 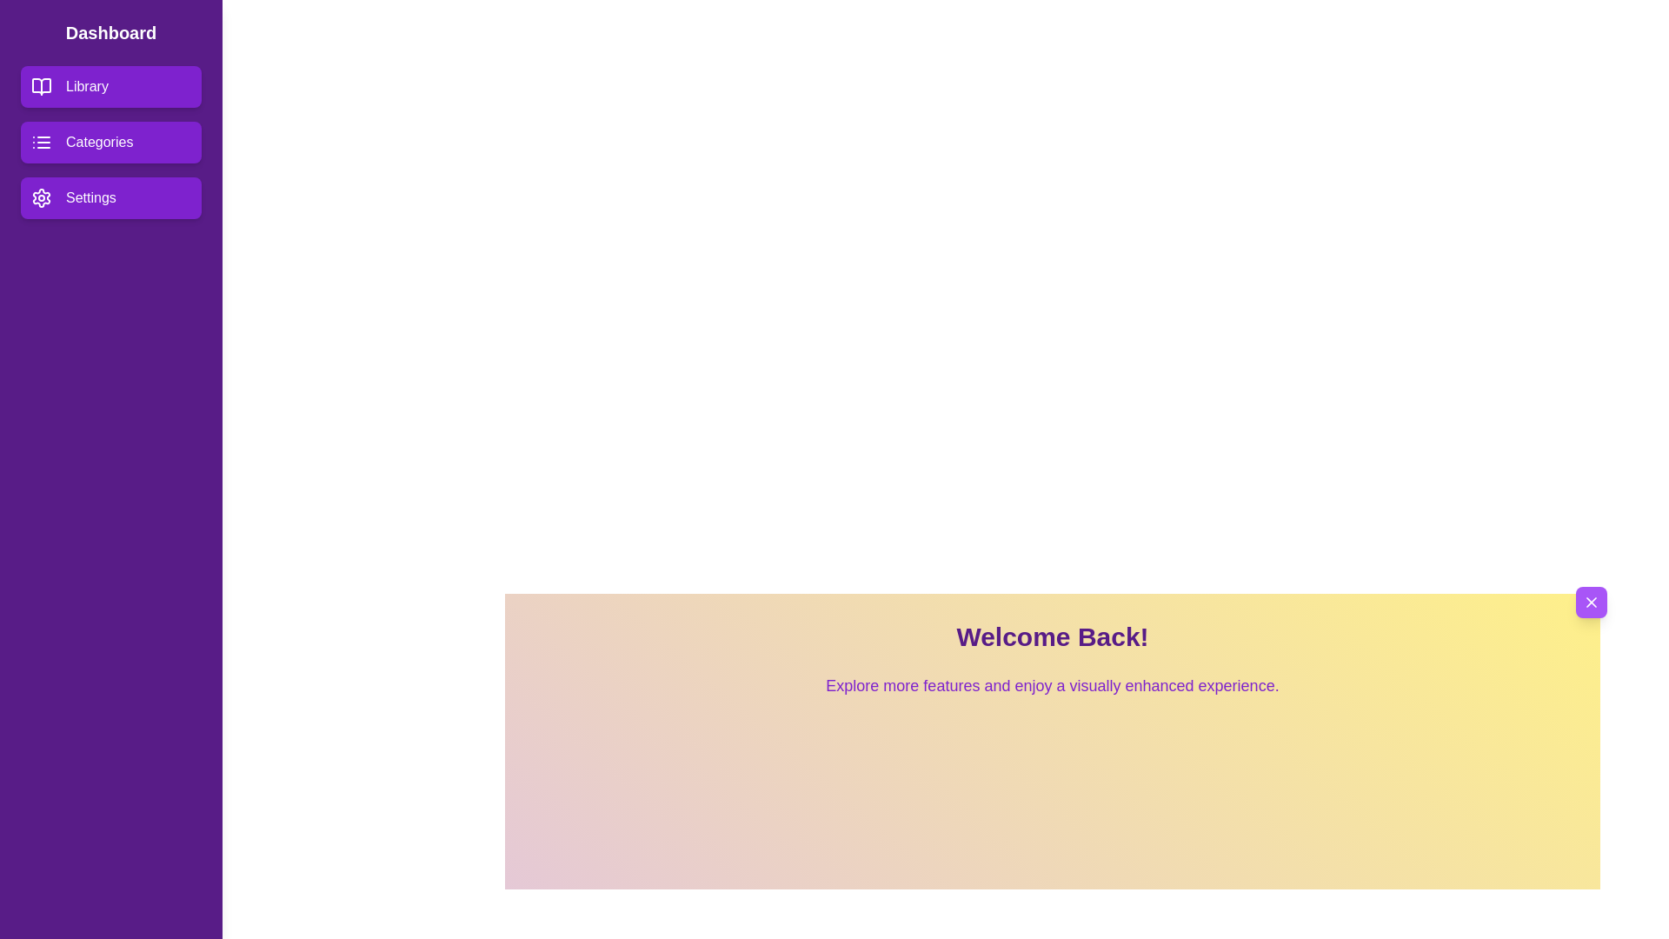 What do you see at coordinates (1591, 602) in the screenshot?
I see `the button in the top-right corner to toggle the drawer visibility` at bounding box center [1591, 602].